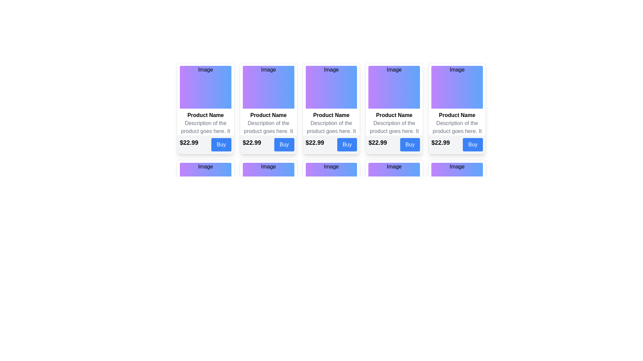 This screenshot has width=643, height=361. Describe the element at coordinates (473, 144) in the screenshot. I see `the purchasing button located at the bottom-right of the card that contains the price label '$22.99'` at that location.